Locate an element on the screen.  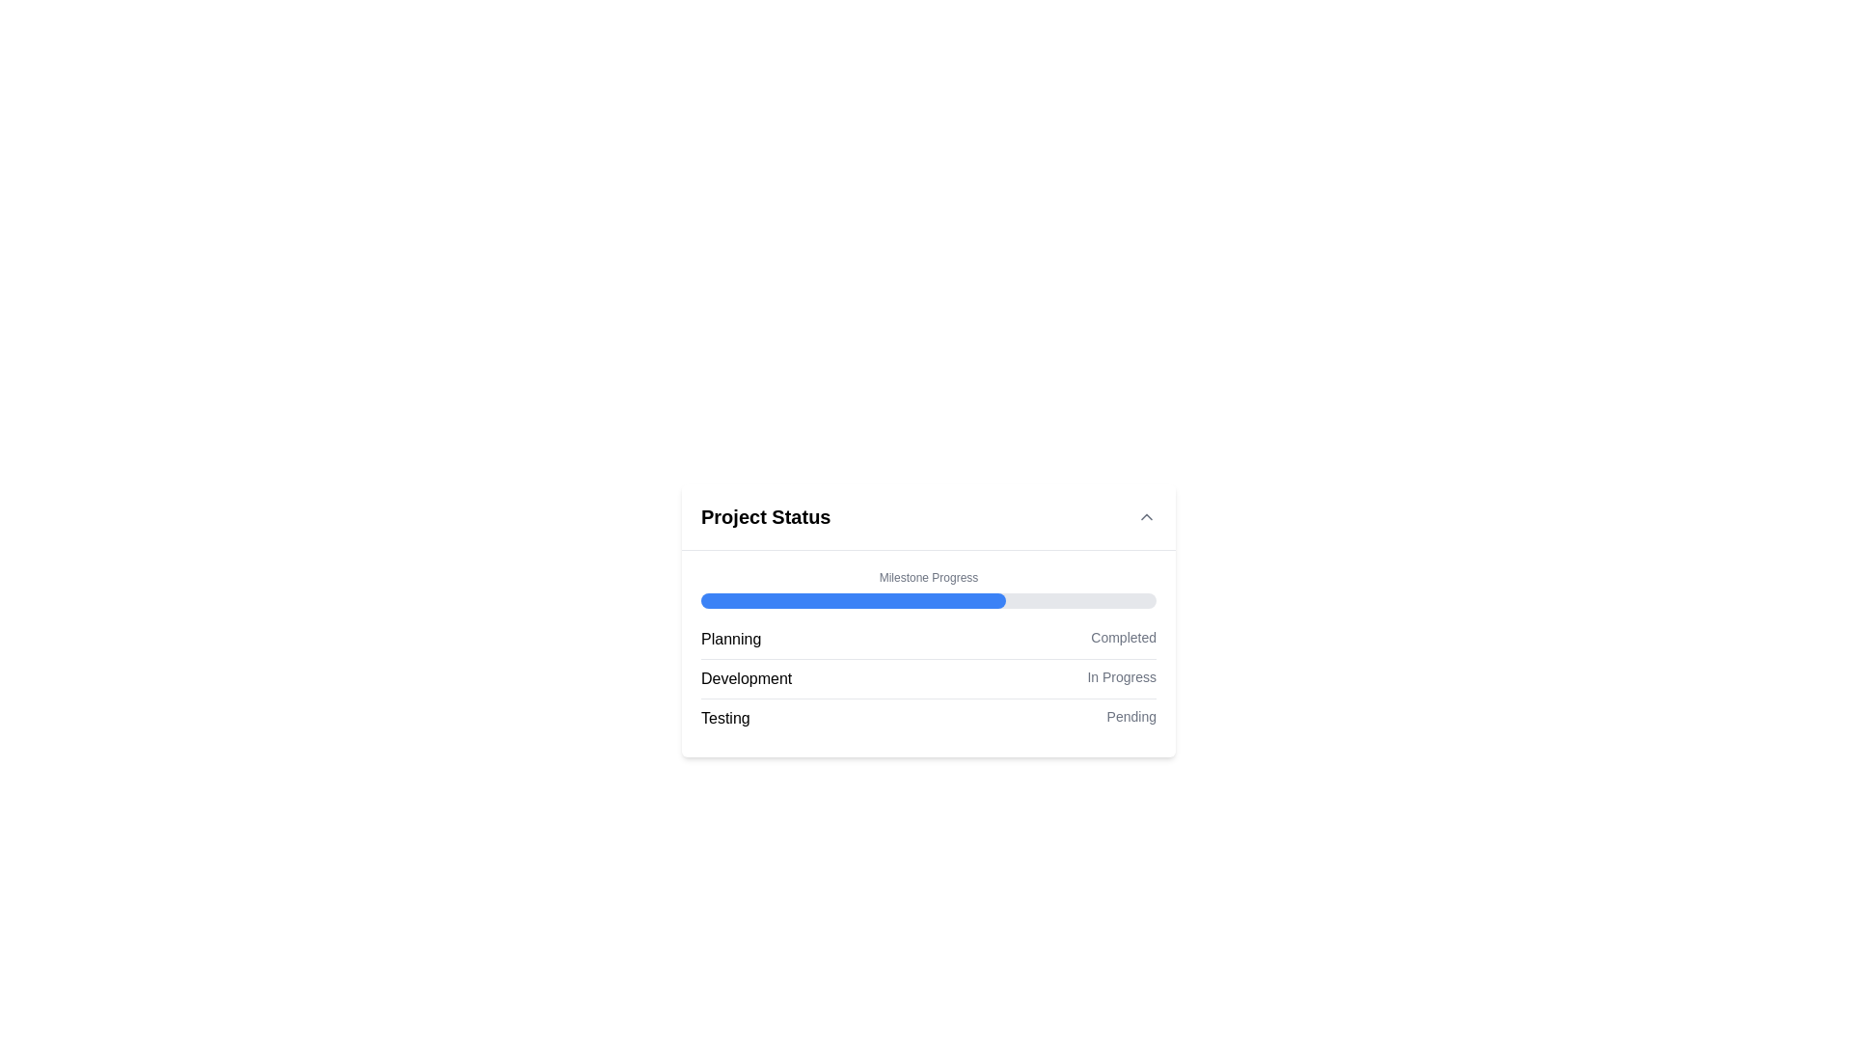
the 'Testing' status label located in the lower-left portion of the 'Testing - Pending' row under the 'Project Status' card is located at coordinates (724, 718).